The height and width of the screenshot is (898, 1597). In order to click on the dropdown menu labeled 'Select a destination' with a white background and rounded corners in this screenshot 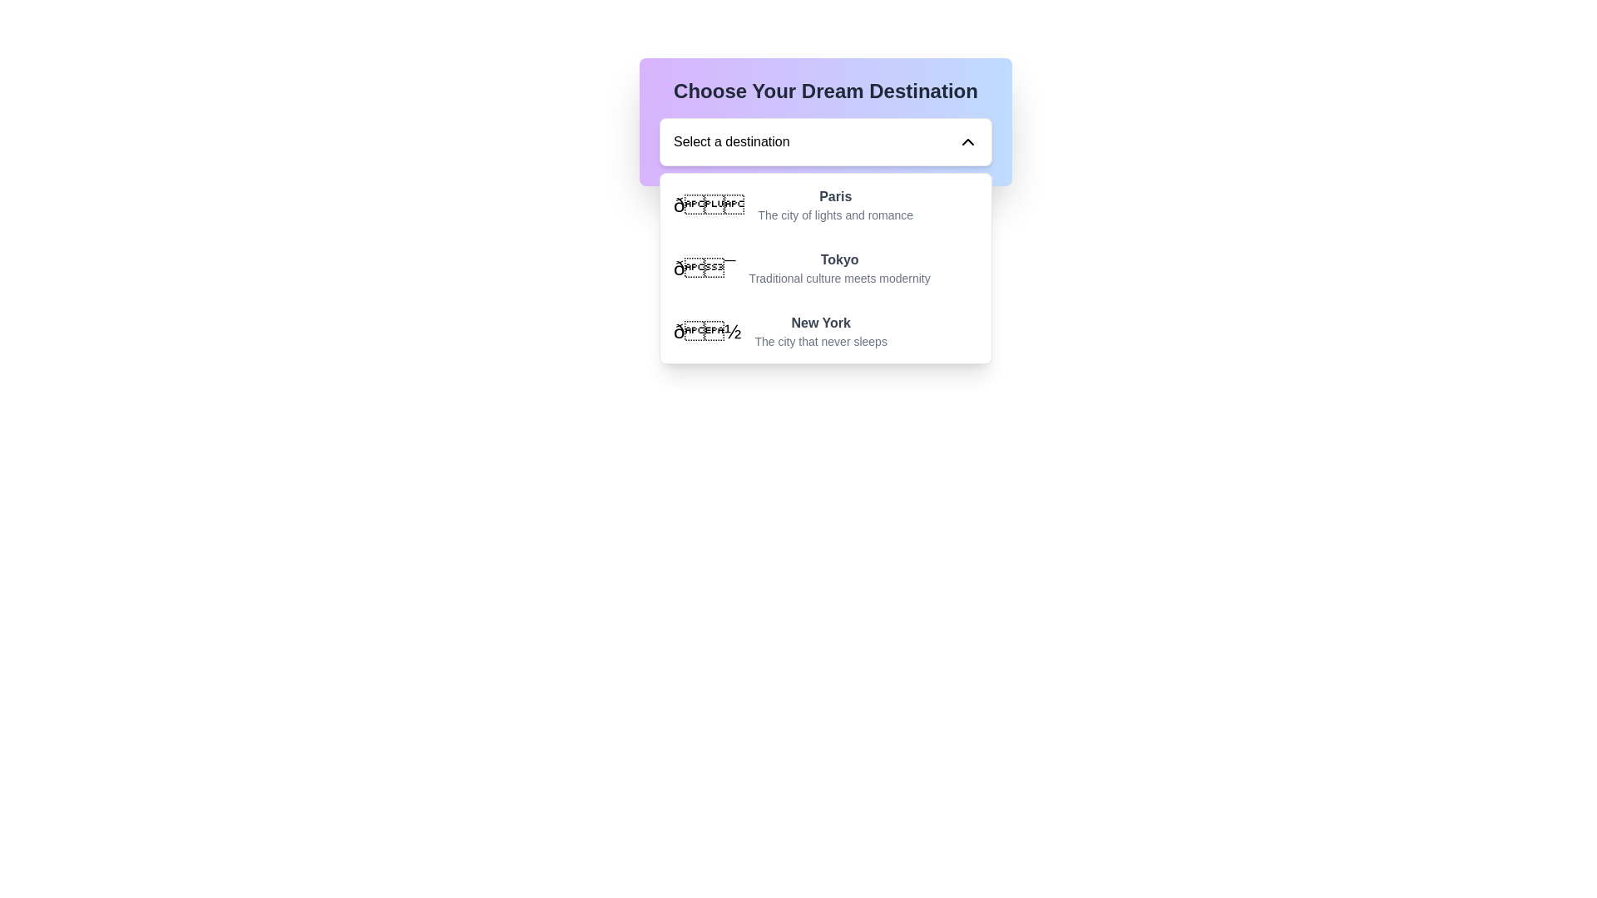, I will do `click(826, 141)`.